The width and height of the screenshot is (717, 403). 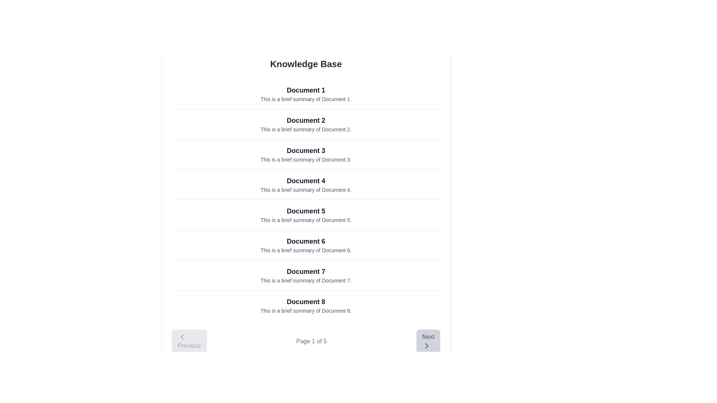 What do you see at coordinates (182, 337) in the screenshot?
I see `the chevron icon located inside the 'Previous' button at the bottom left of the interface` at bounding box center [182, 337].